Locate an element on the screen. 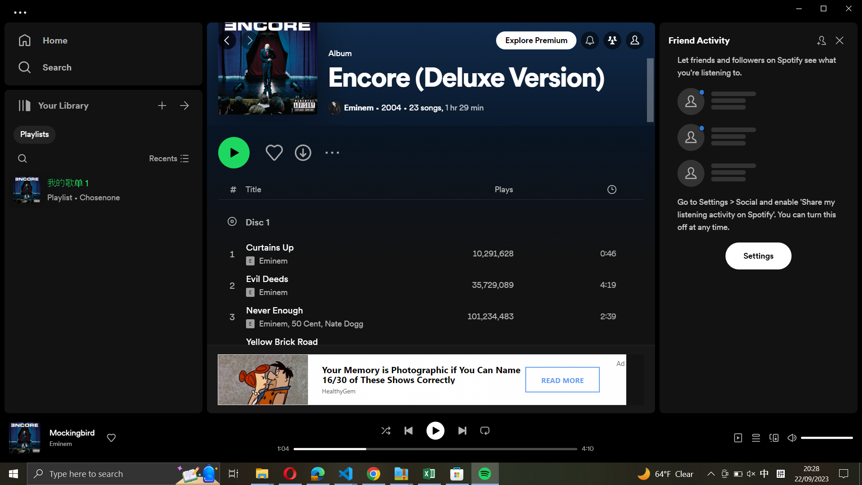  Incorporate more friends is located at coordinates (821, 39).